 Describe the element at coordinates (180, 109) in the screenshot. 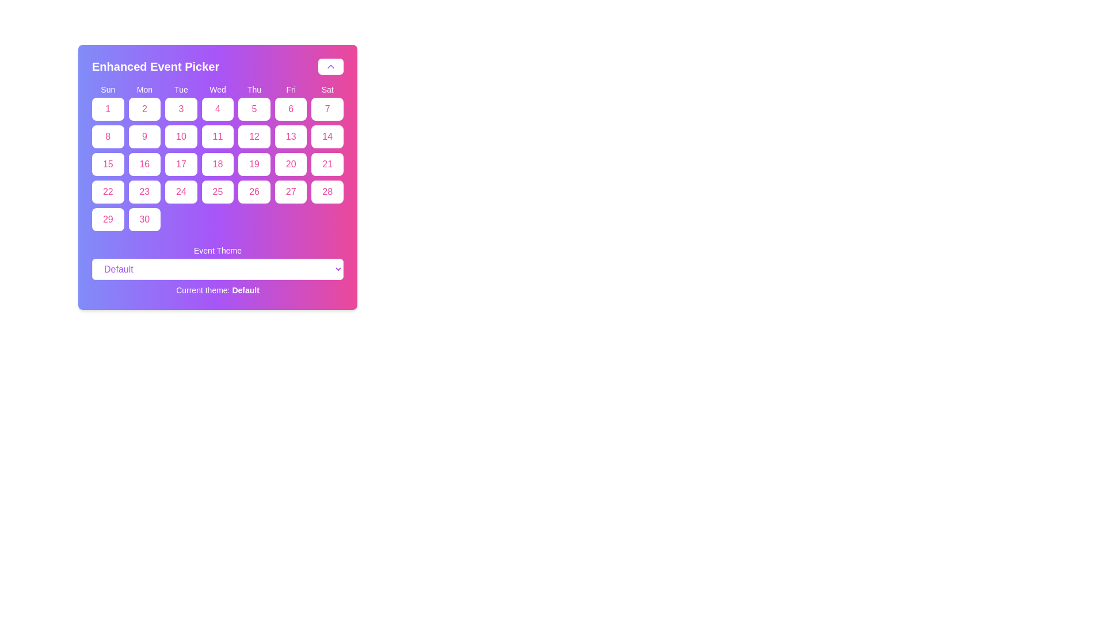

I see `the rounded rectangular button with a white background and pink text displaying the number '3', located in the first row and third column of the grid layout, to trigger the tooltip or visual effect` at that location.